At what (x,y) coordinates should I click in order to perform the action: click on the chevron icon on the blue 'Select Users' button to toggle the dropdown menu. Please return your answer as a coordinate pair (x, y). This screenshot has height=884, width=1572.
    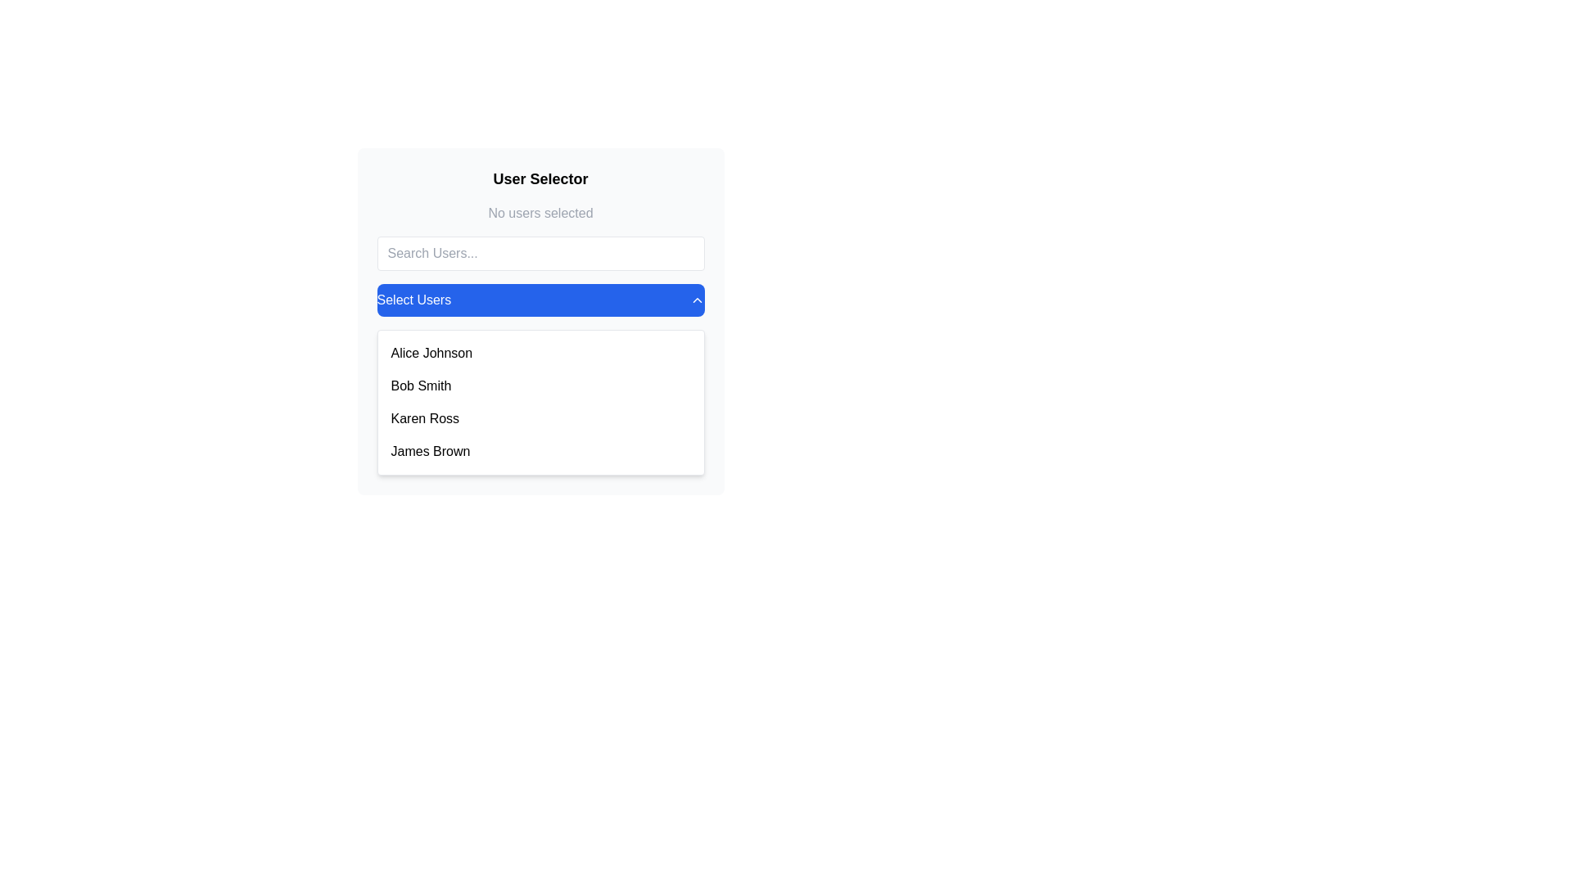
    Looking at the image, I should click on (540, 322).